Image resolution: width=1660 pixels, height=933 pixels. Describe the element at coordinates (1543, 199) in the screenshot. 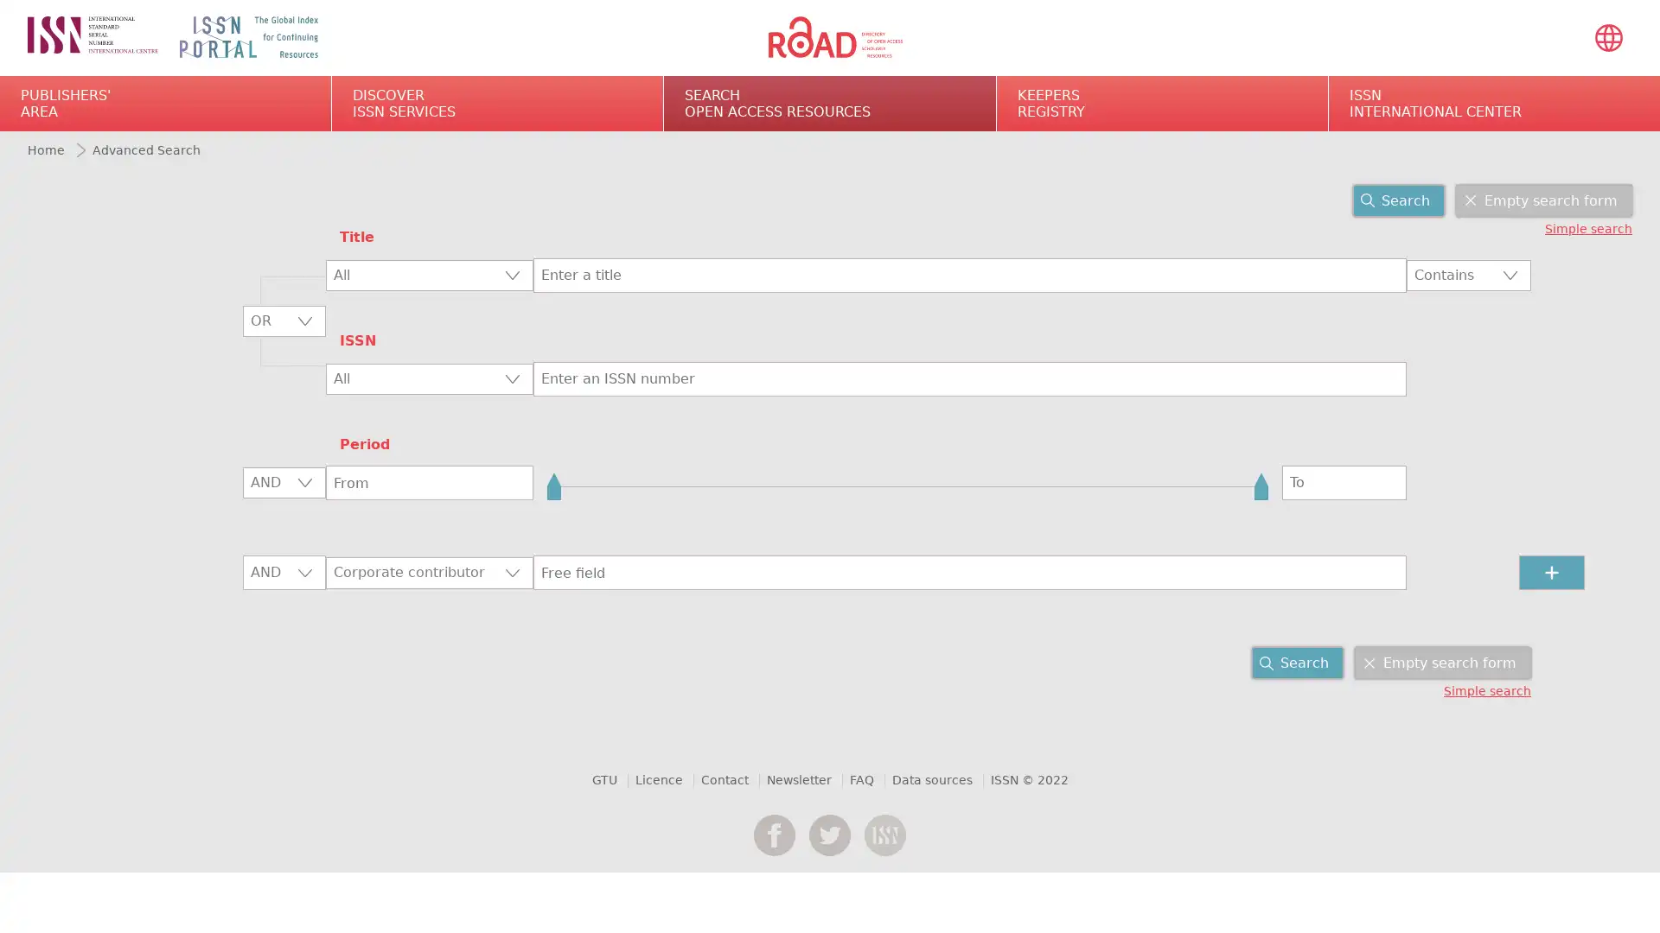

I see `Empty search form` at that location.